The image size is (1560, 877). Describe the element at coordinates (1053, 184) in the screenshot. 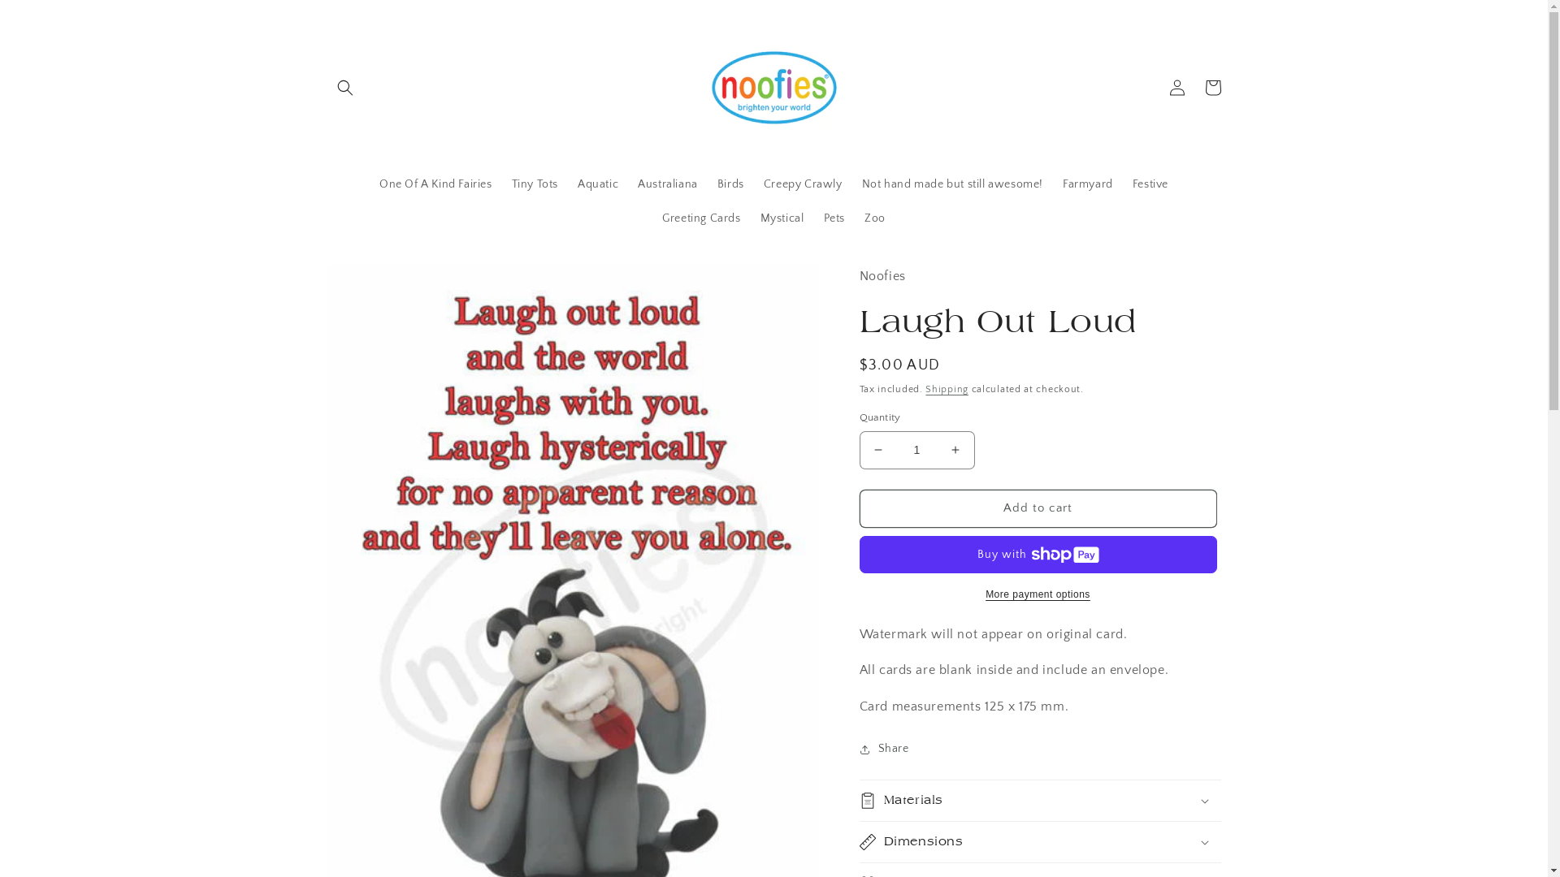

I see `'Farmyard'` at that location.